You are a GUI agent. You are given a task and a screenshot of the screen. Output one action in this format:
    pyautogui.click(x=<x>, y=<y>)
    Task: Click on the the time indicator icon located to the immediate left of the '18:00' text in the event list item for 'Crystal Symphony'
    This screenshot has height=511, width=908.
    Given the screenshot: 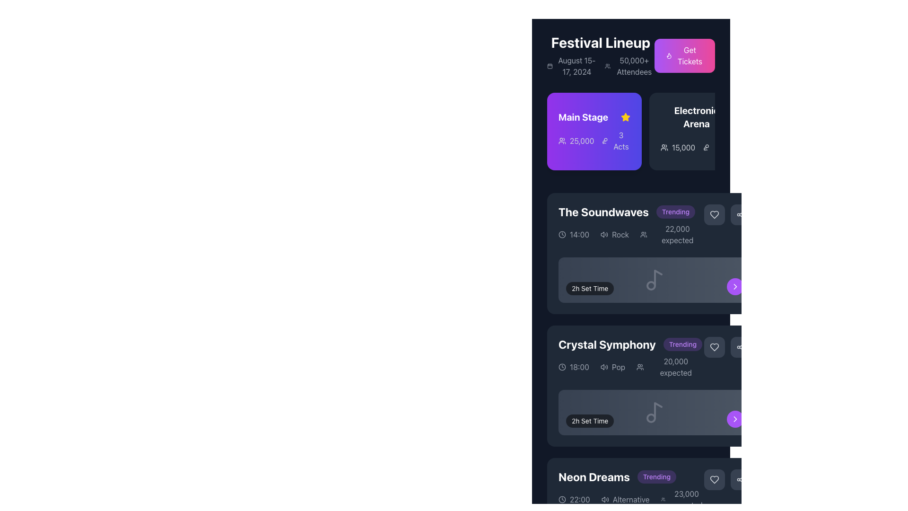 What is the action you would take?
    pyautogui.click(x=562, y=366)
    